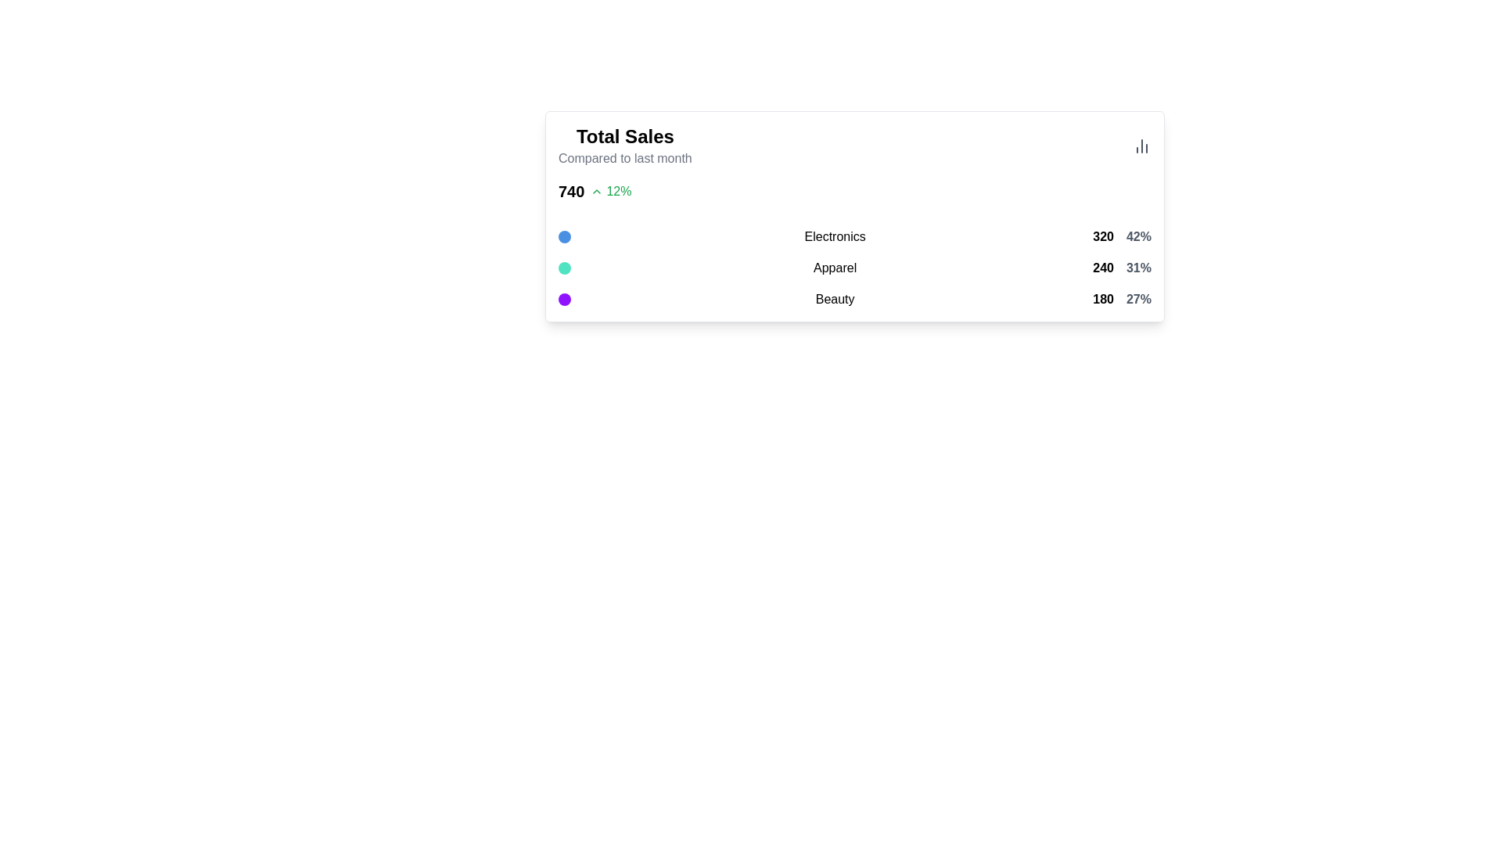  Describe the element at coordinates (1138, 237) in the screenshot. I see `the text '42%' which is styled in bold gray font, located next to the number '320' in the top-right section of the 'Electronics' category` at that location.